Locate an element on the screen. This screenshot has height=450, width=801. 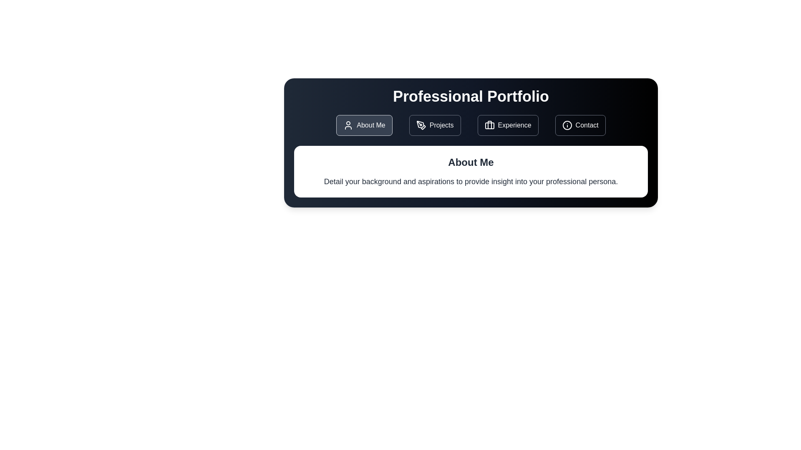
the Experience navigation icon, which is the third element in the row of navigation buttons under the 'Professional Portfolio' title is located at coordinates (489, 125).